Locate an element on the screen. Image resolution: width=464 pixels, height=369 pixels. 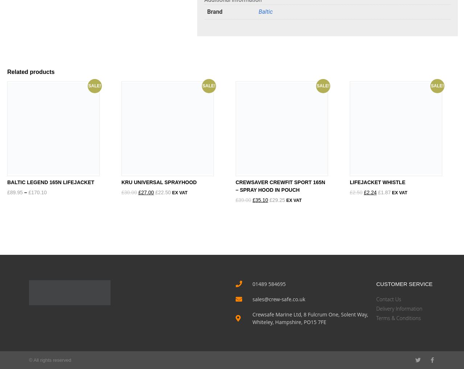
'© All rights reserved' is located at coordinates (49, 360).